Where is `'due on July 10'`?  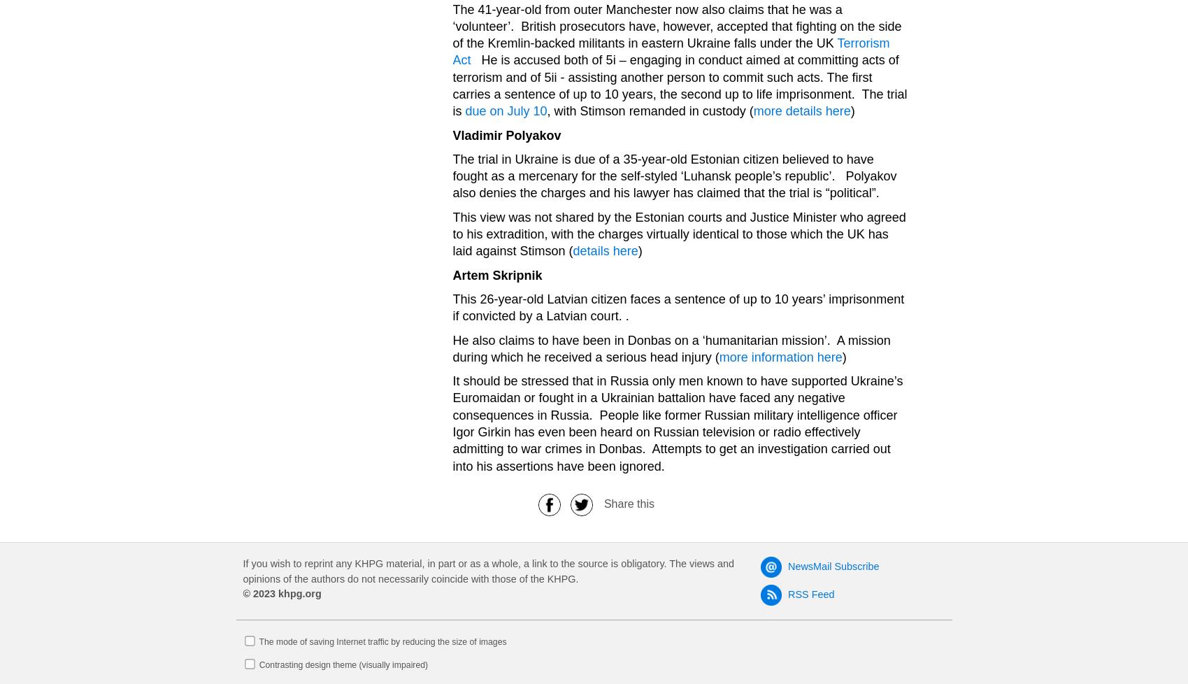 'due on July 10' is located at coordinates (505, 111).